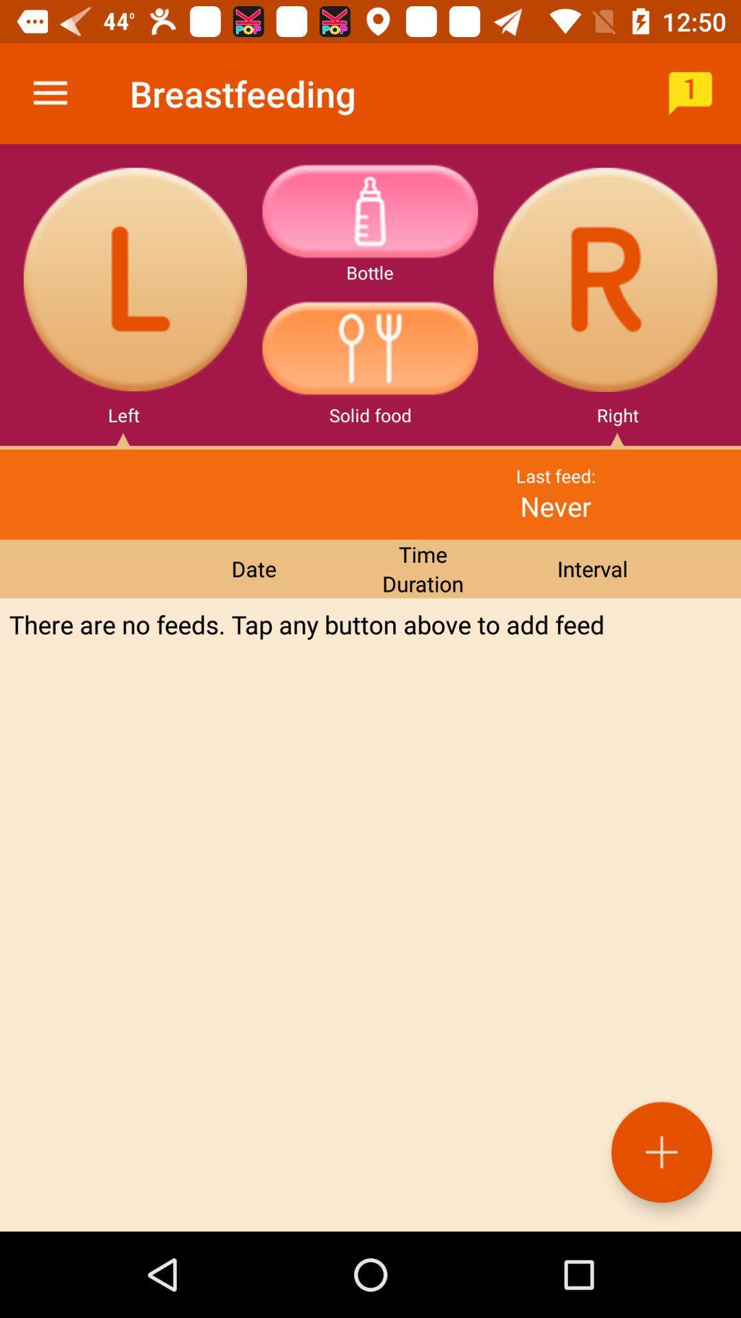 Image resolution: width=741 pixels, height=1318 pixels. I want to click on icon at the bottom right corner, so click(661, 1152).